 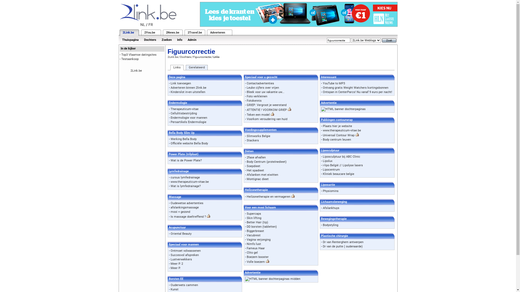 I want to click on '2fase afvallen', so click(x=256, y=157).